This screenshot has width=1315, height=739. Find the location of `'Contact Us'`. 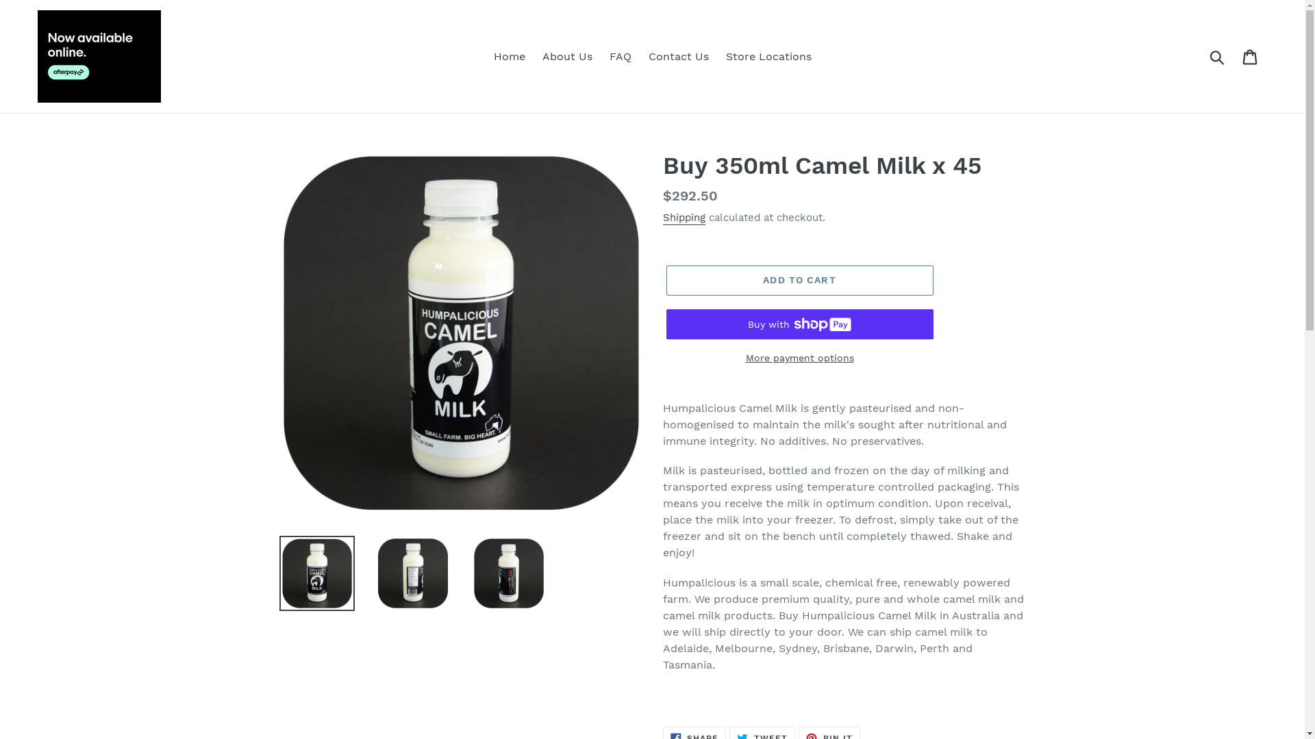

'Contact Us' is located at coordinates (677, 56).